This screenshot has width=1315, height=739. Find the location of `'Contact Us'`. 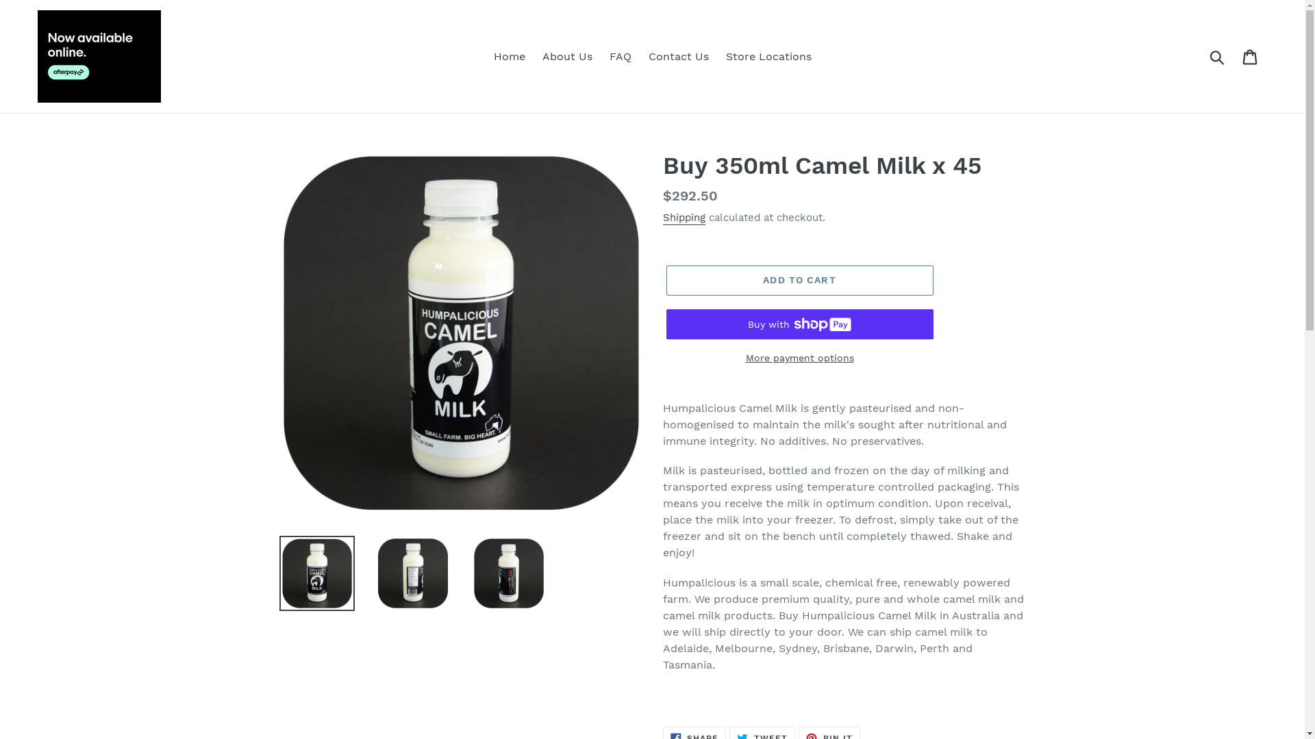

'Contact Us' is located at coordinates (677, 56).